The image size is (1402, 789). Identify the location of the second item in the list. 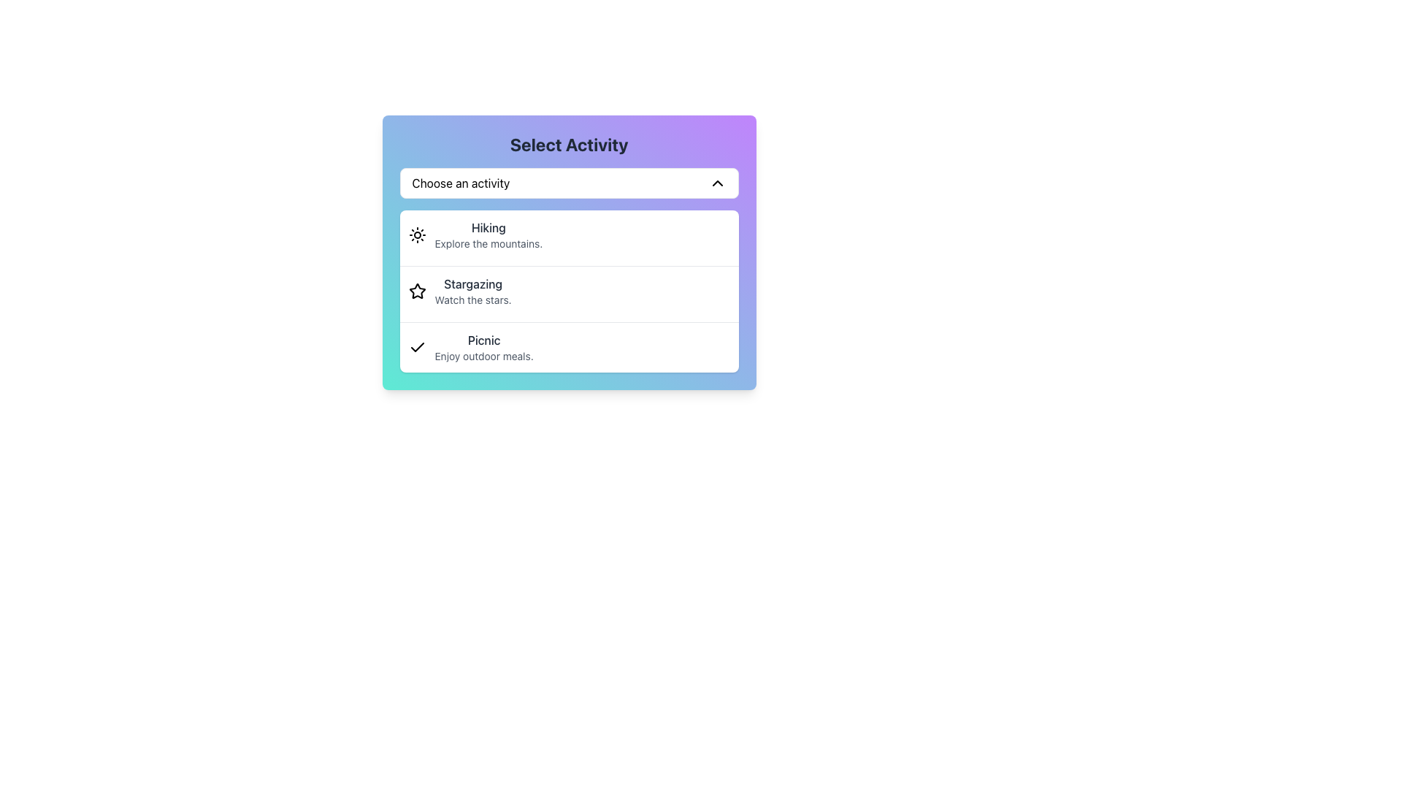
(568, 291).